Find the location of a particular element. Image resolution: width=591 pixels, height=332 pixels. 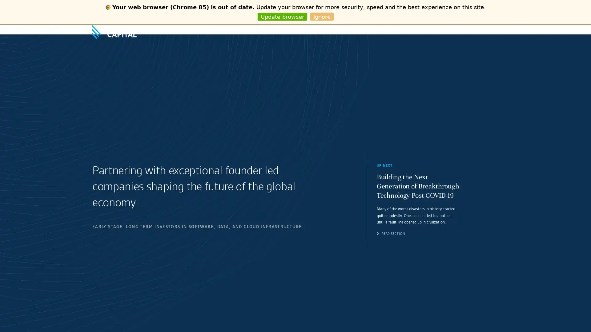

Ignore is located at coordinates (321, 17).